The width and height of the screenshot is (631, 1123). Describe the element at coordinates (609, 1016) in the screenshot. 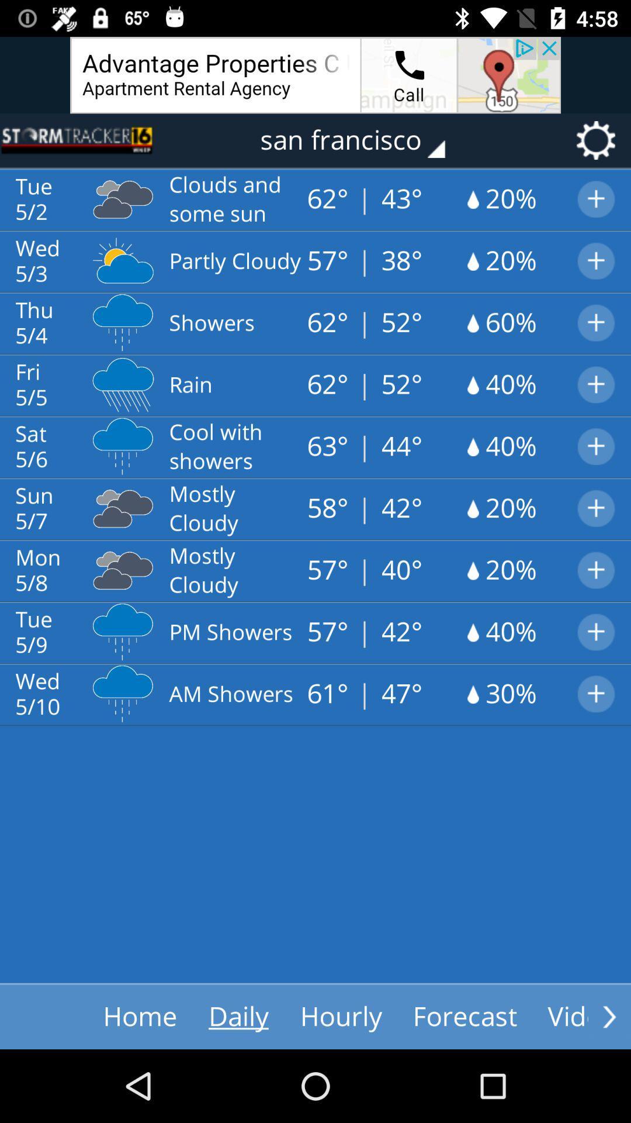

I see `the arrow_forward icon` at that location.